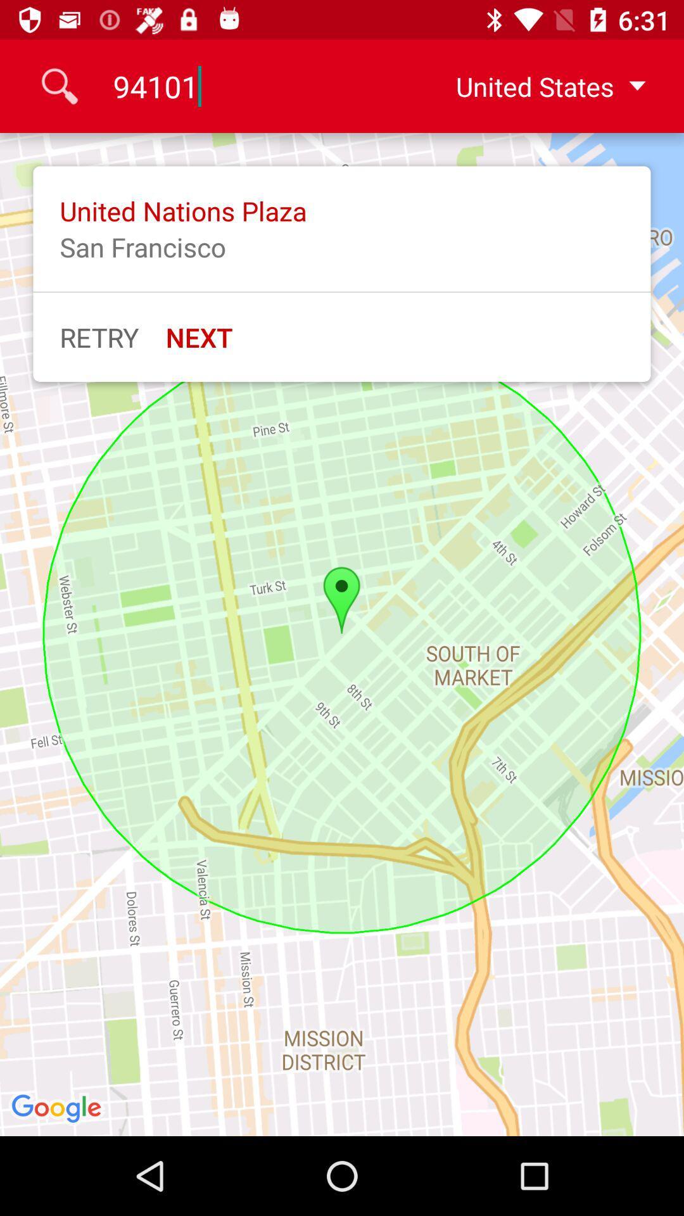 The width and height of the screenshot is (684, 1216). What do you see at coordinates (199, 337) in the screenshot?
I see `next` at bounding box center [199, 337].